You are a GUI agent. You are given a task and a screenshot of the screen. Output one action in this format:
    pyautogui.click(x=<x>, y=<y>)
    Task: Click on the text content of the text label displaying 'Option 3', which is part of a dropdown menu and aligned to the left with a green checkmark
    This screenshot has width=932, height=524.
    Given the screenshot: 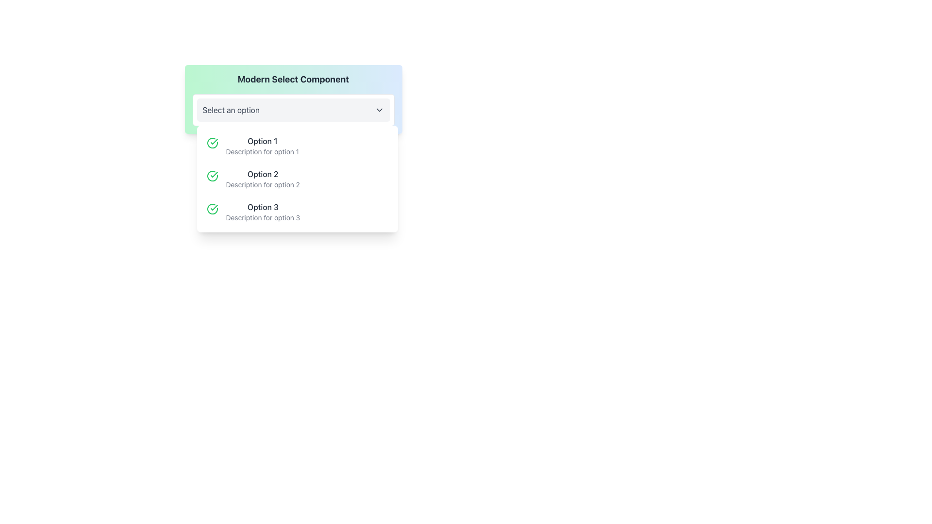 What is the action you would take?
    pyautogui.click(x=263, y=207)
    